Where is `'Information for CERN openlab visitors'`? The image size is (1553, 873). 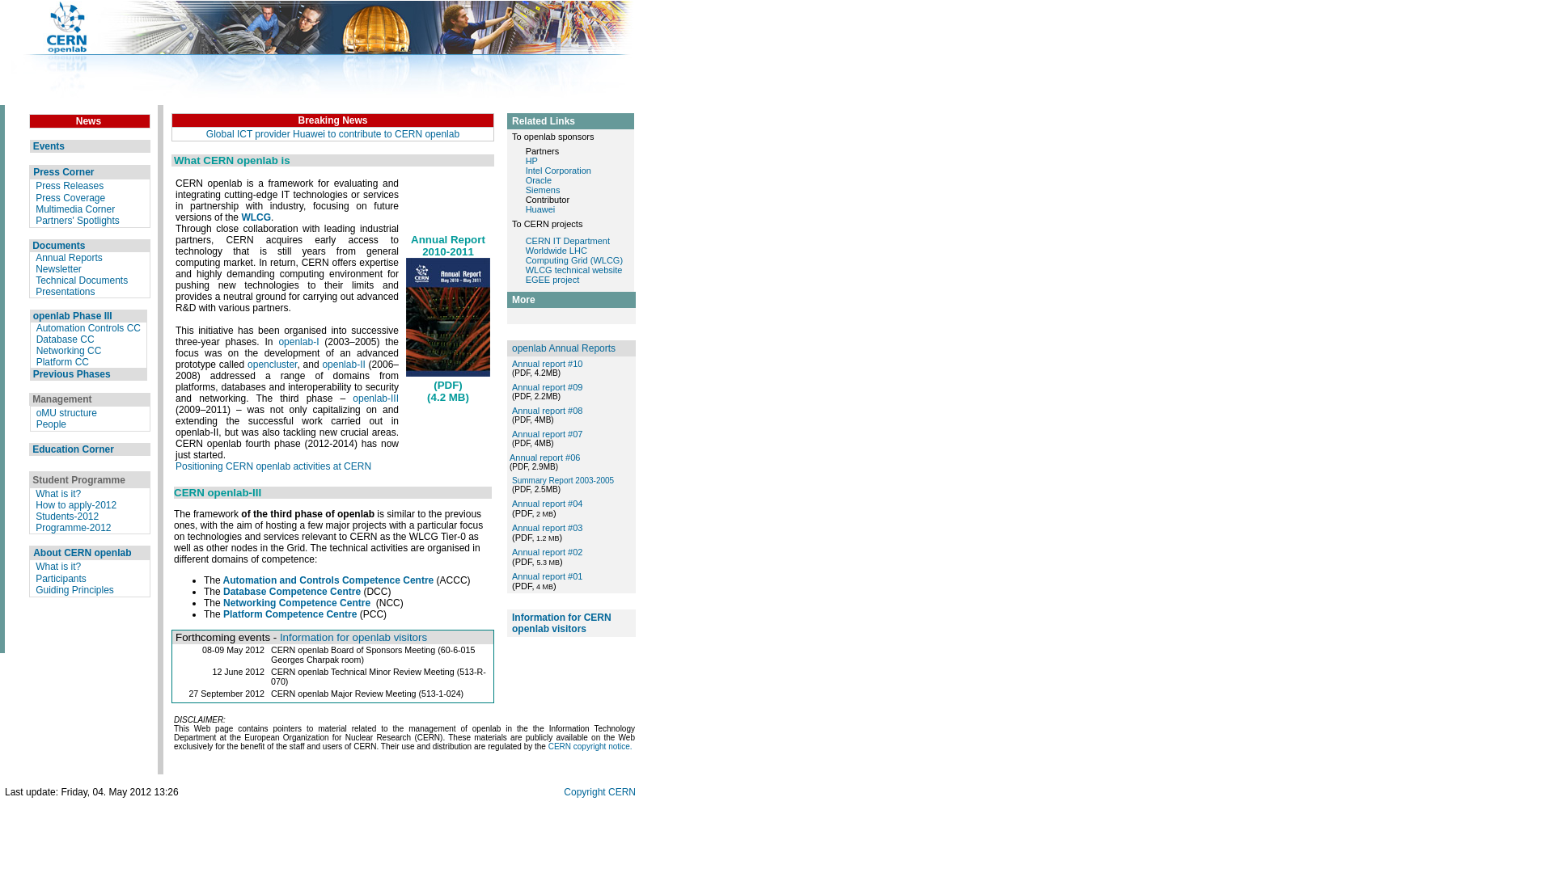
'Information for CERN openlab visitors' is located at coordinates (561, 622).